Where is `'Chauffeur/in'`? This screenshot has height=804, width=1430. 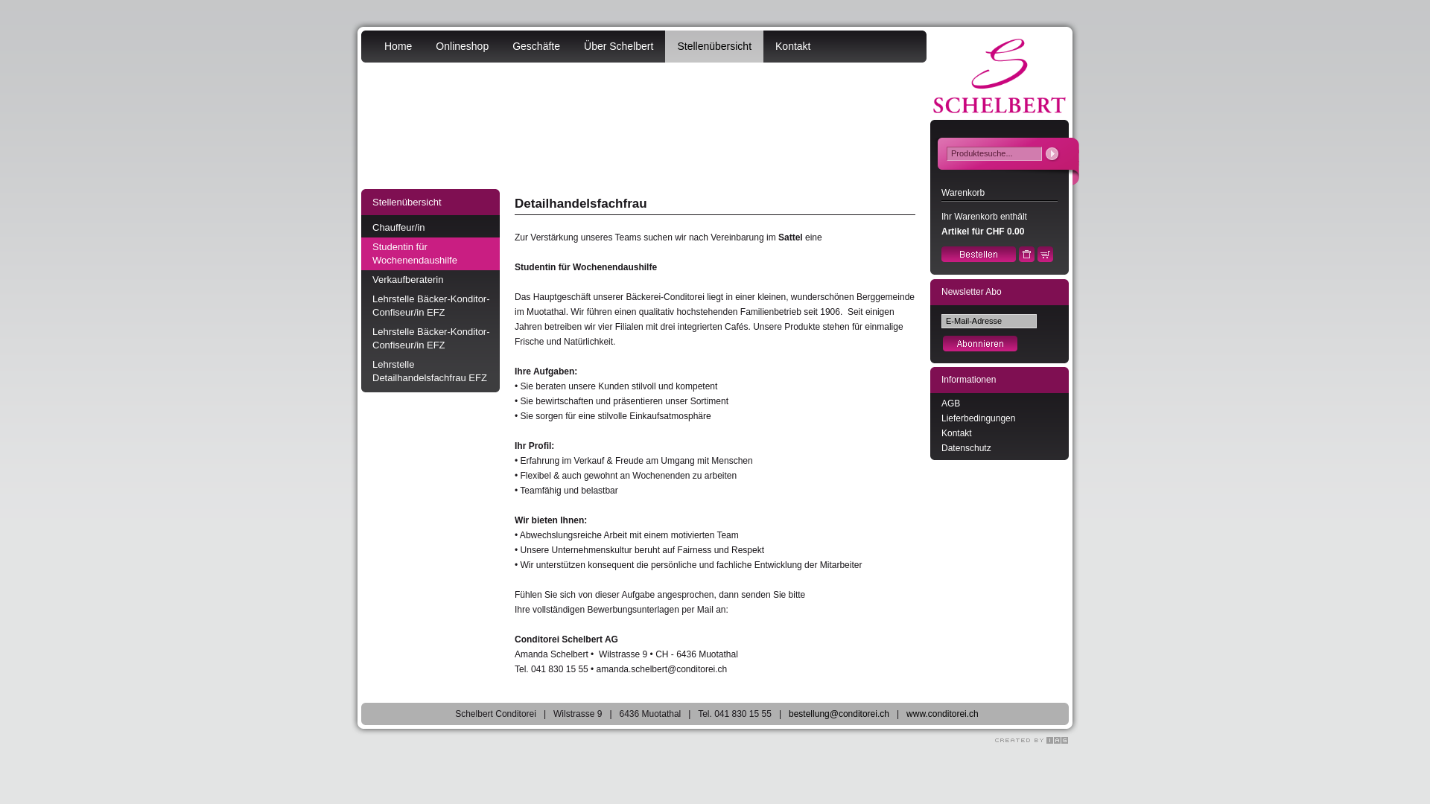
'Chauffeur/in' is located at coordinates (429, 227).